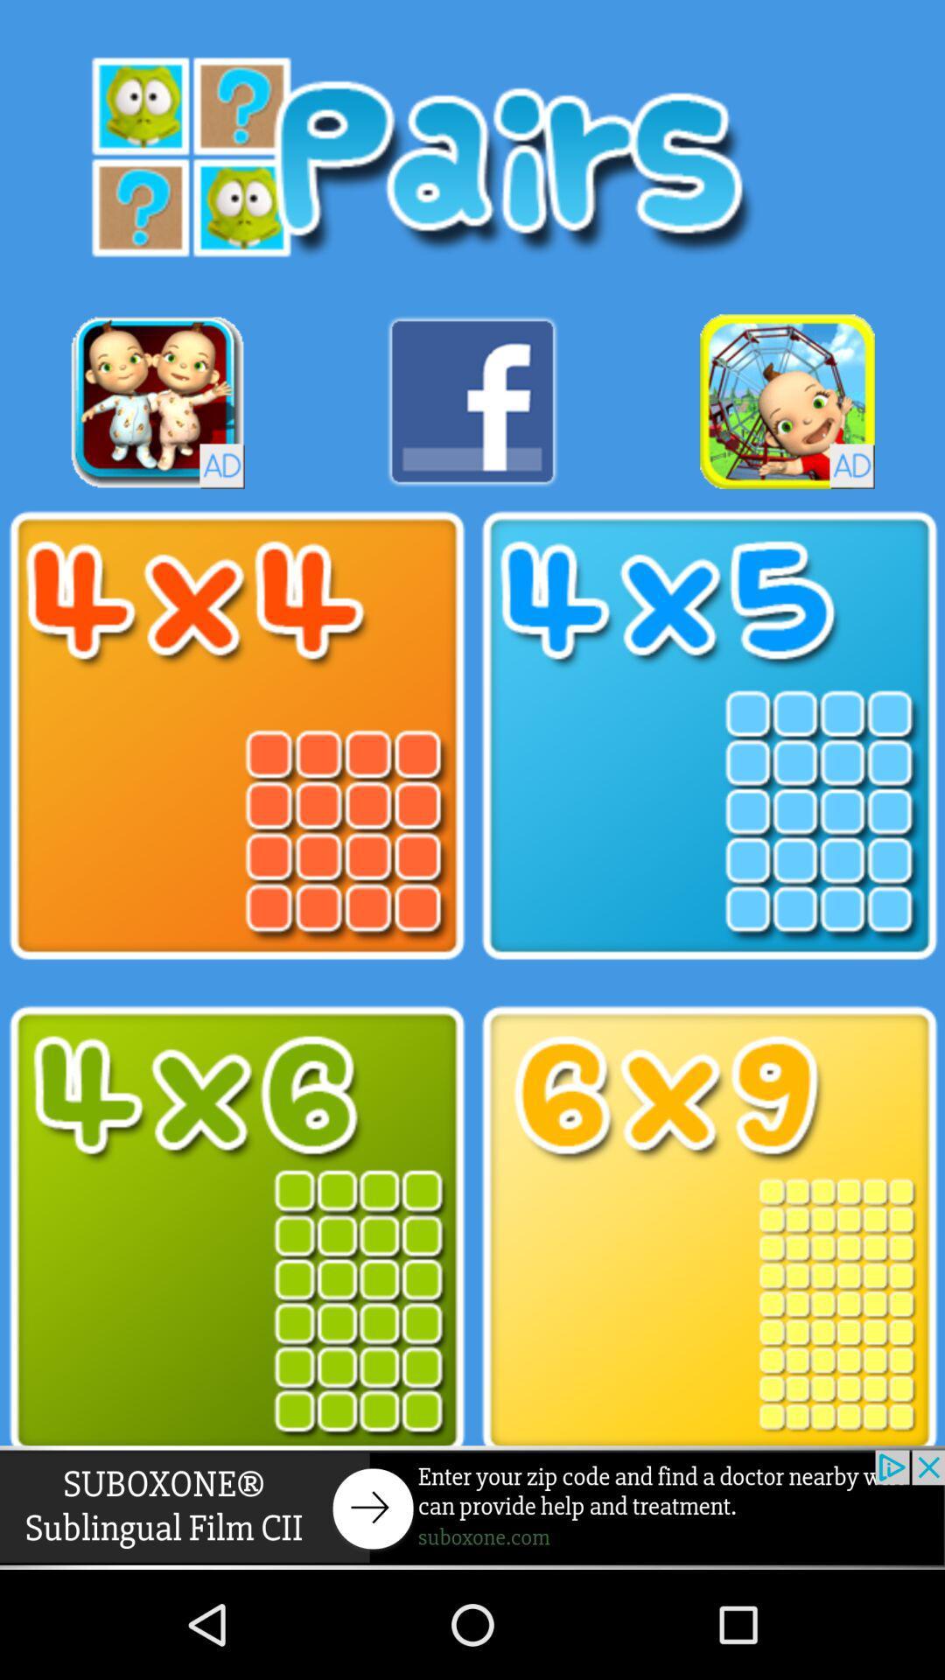  I want to click on clicks the 4x6, so click(236, 1229).